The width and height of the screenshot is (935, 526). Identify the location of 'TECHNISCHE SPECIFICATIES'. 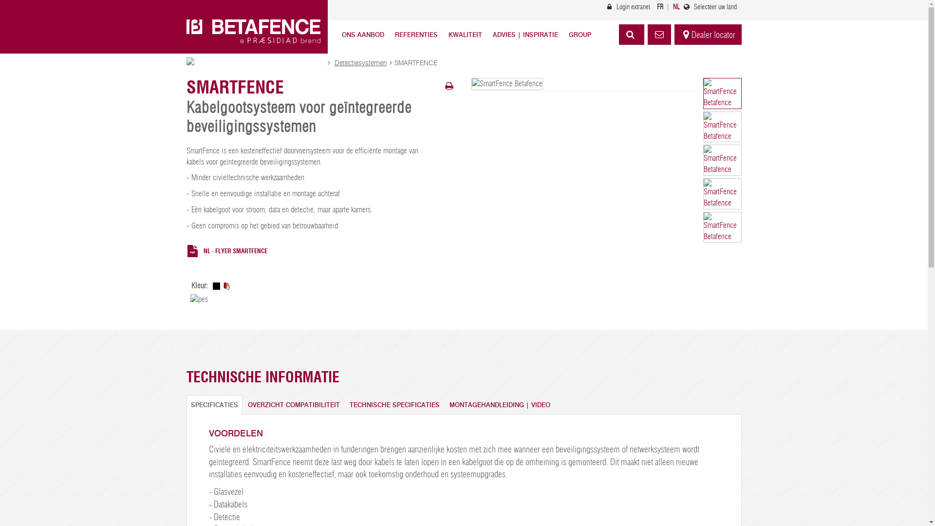
(394, 405).